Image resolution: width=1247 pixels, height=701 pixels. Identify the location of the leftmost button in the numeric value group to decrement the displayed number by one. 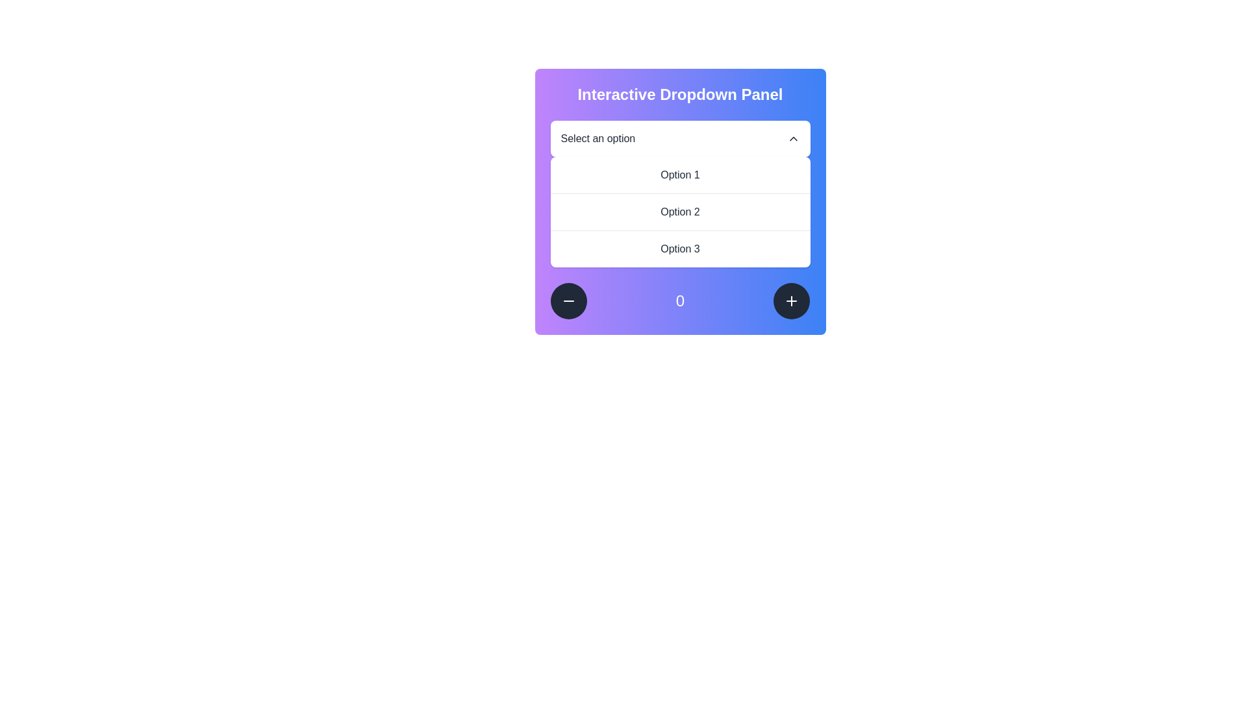
(568, 301).